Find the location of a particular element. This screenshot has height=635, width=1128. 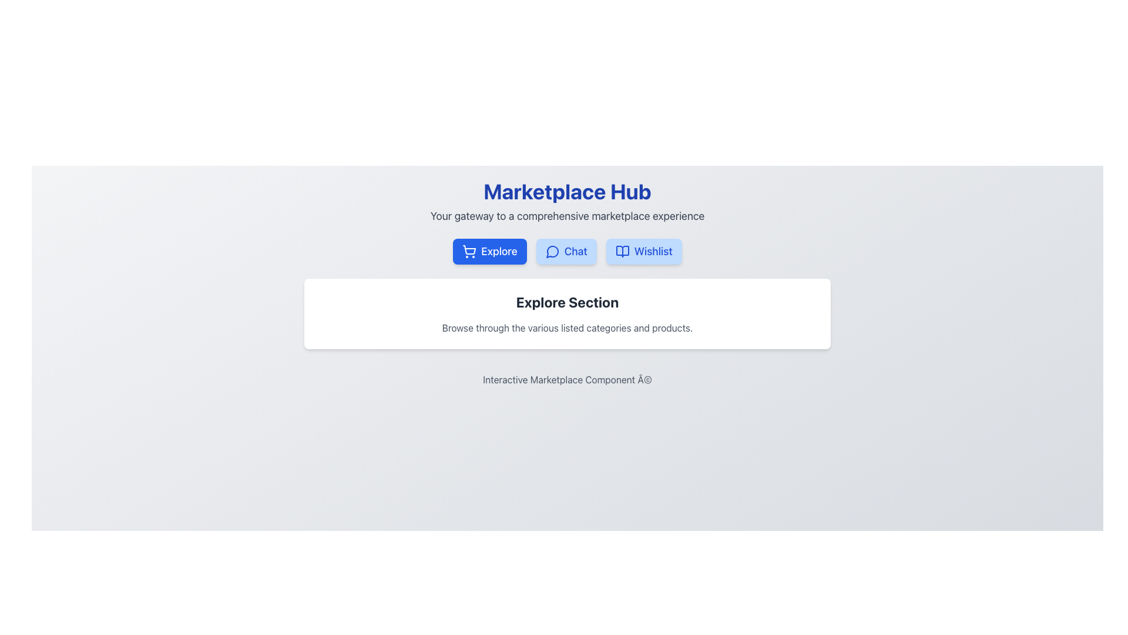

the 'Wishlist' button located beneath the 'Marketplace Hub' title, to the right of the 'Explore' and 'Chat' buttons, for keyboard interaction is located at coordinates (643, 251).